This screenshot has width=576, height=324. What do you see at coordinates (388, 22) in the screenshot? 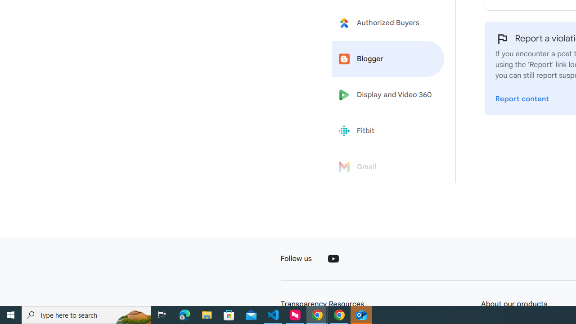
I see `'Learn more about Authorized Buyers'` at bounding box center [388, 22].